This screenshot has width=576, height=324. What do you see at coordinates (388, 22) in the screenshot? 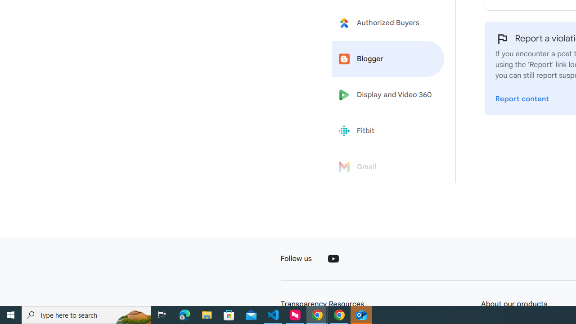
I see `'Learn more about Authorized Buyers'` at bounding box center [388, 22].